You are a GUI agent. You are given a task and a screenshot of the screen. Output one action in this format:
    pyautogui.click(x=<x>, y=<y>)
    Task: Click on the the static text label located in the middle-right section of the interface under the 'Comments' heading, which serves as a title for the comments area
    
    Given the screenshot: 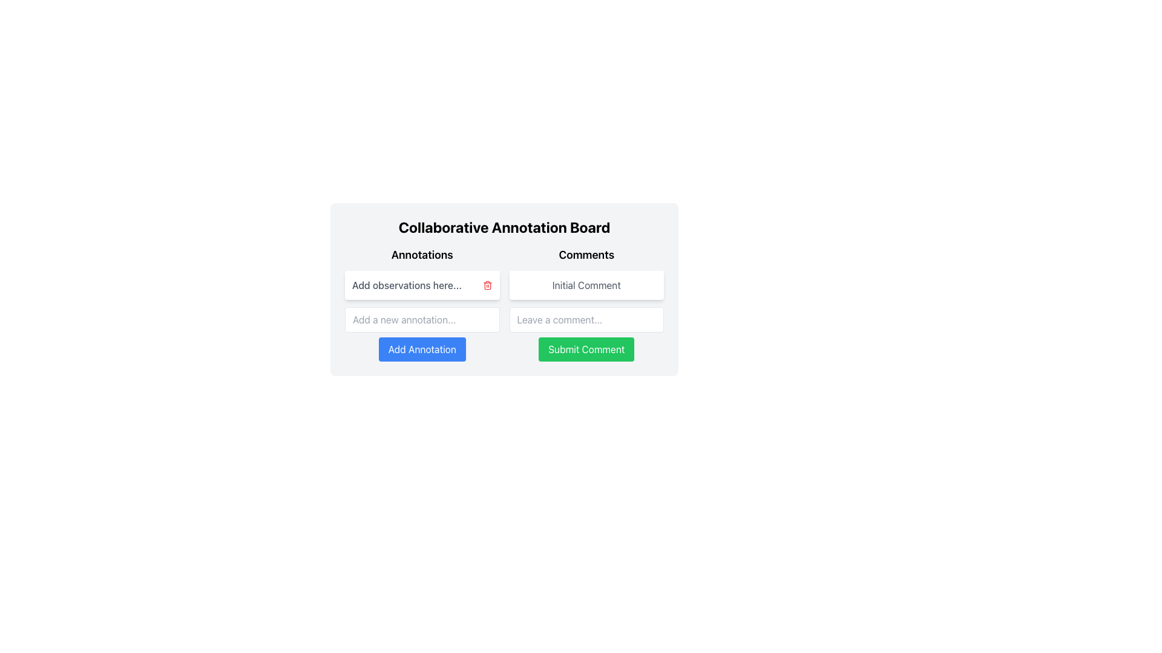 What is the action you would take?
    pyautogui.click(x=586, y=285)
    